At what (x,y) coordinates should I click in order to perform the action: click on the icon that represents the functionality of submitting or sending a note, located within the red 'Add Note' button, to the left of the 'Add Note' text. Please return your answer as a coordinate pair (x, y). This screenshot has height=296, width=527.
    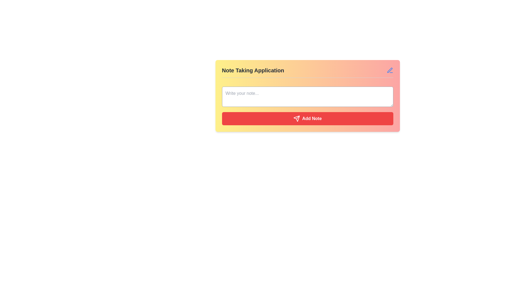
    Looking at the image, I should click on (296, 118).